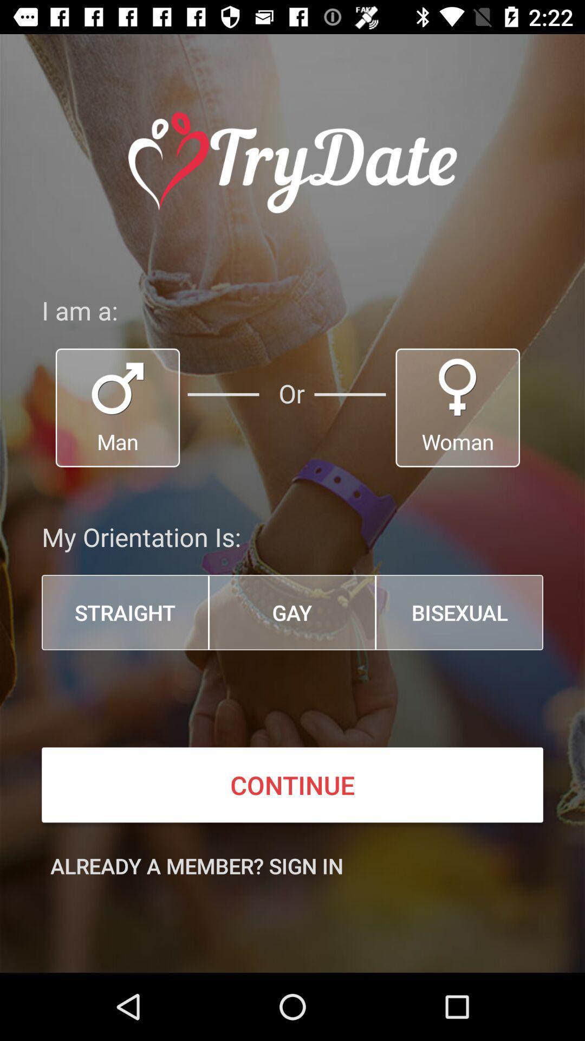  Describe the element at coordinates (458, 407) in the screenshot. I see `women symbol icon` at that location.